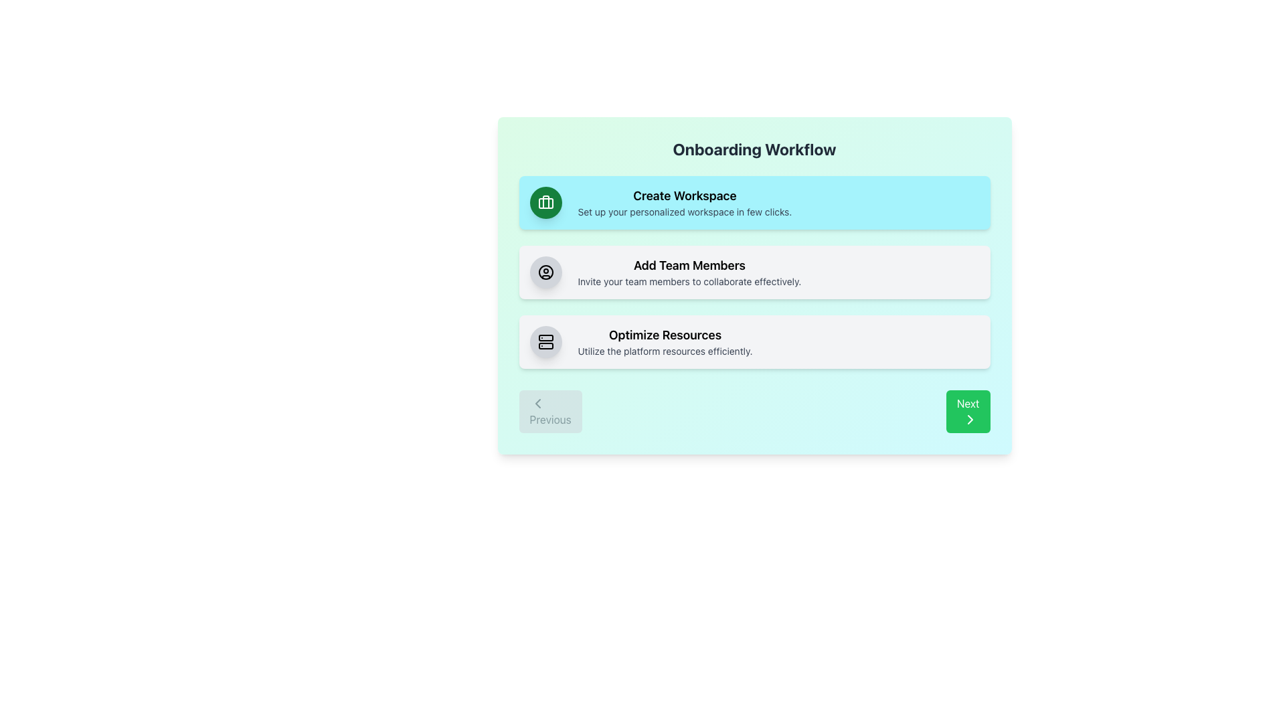 Image resolution: width=1285 pixels, height=723 pixels. Describe the element at coordinates (754, 272) in the screenshot. I see `informational card about adding team members, which is the middle card in the onboarding workflow section` at that location.